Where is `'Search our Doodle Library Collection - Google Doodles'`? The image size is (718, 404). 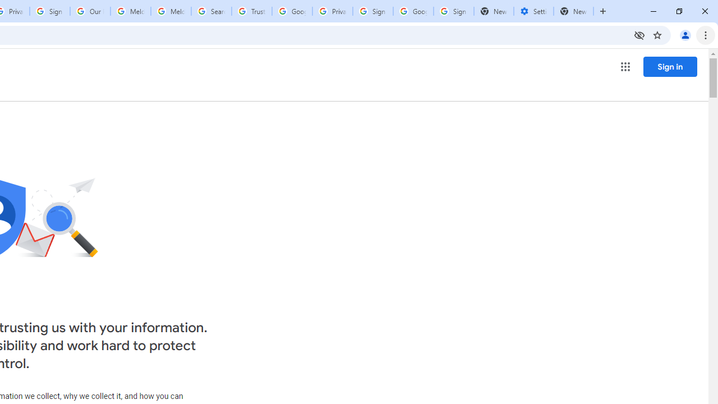
'Search our Doodle Library Collection - Google Doodles' is located at coordinates (211, 11).